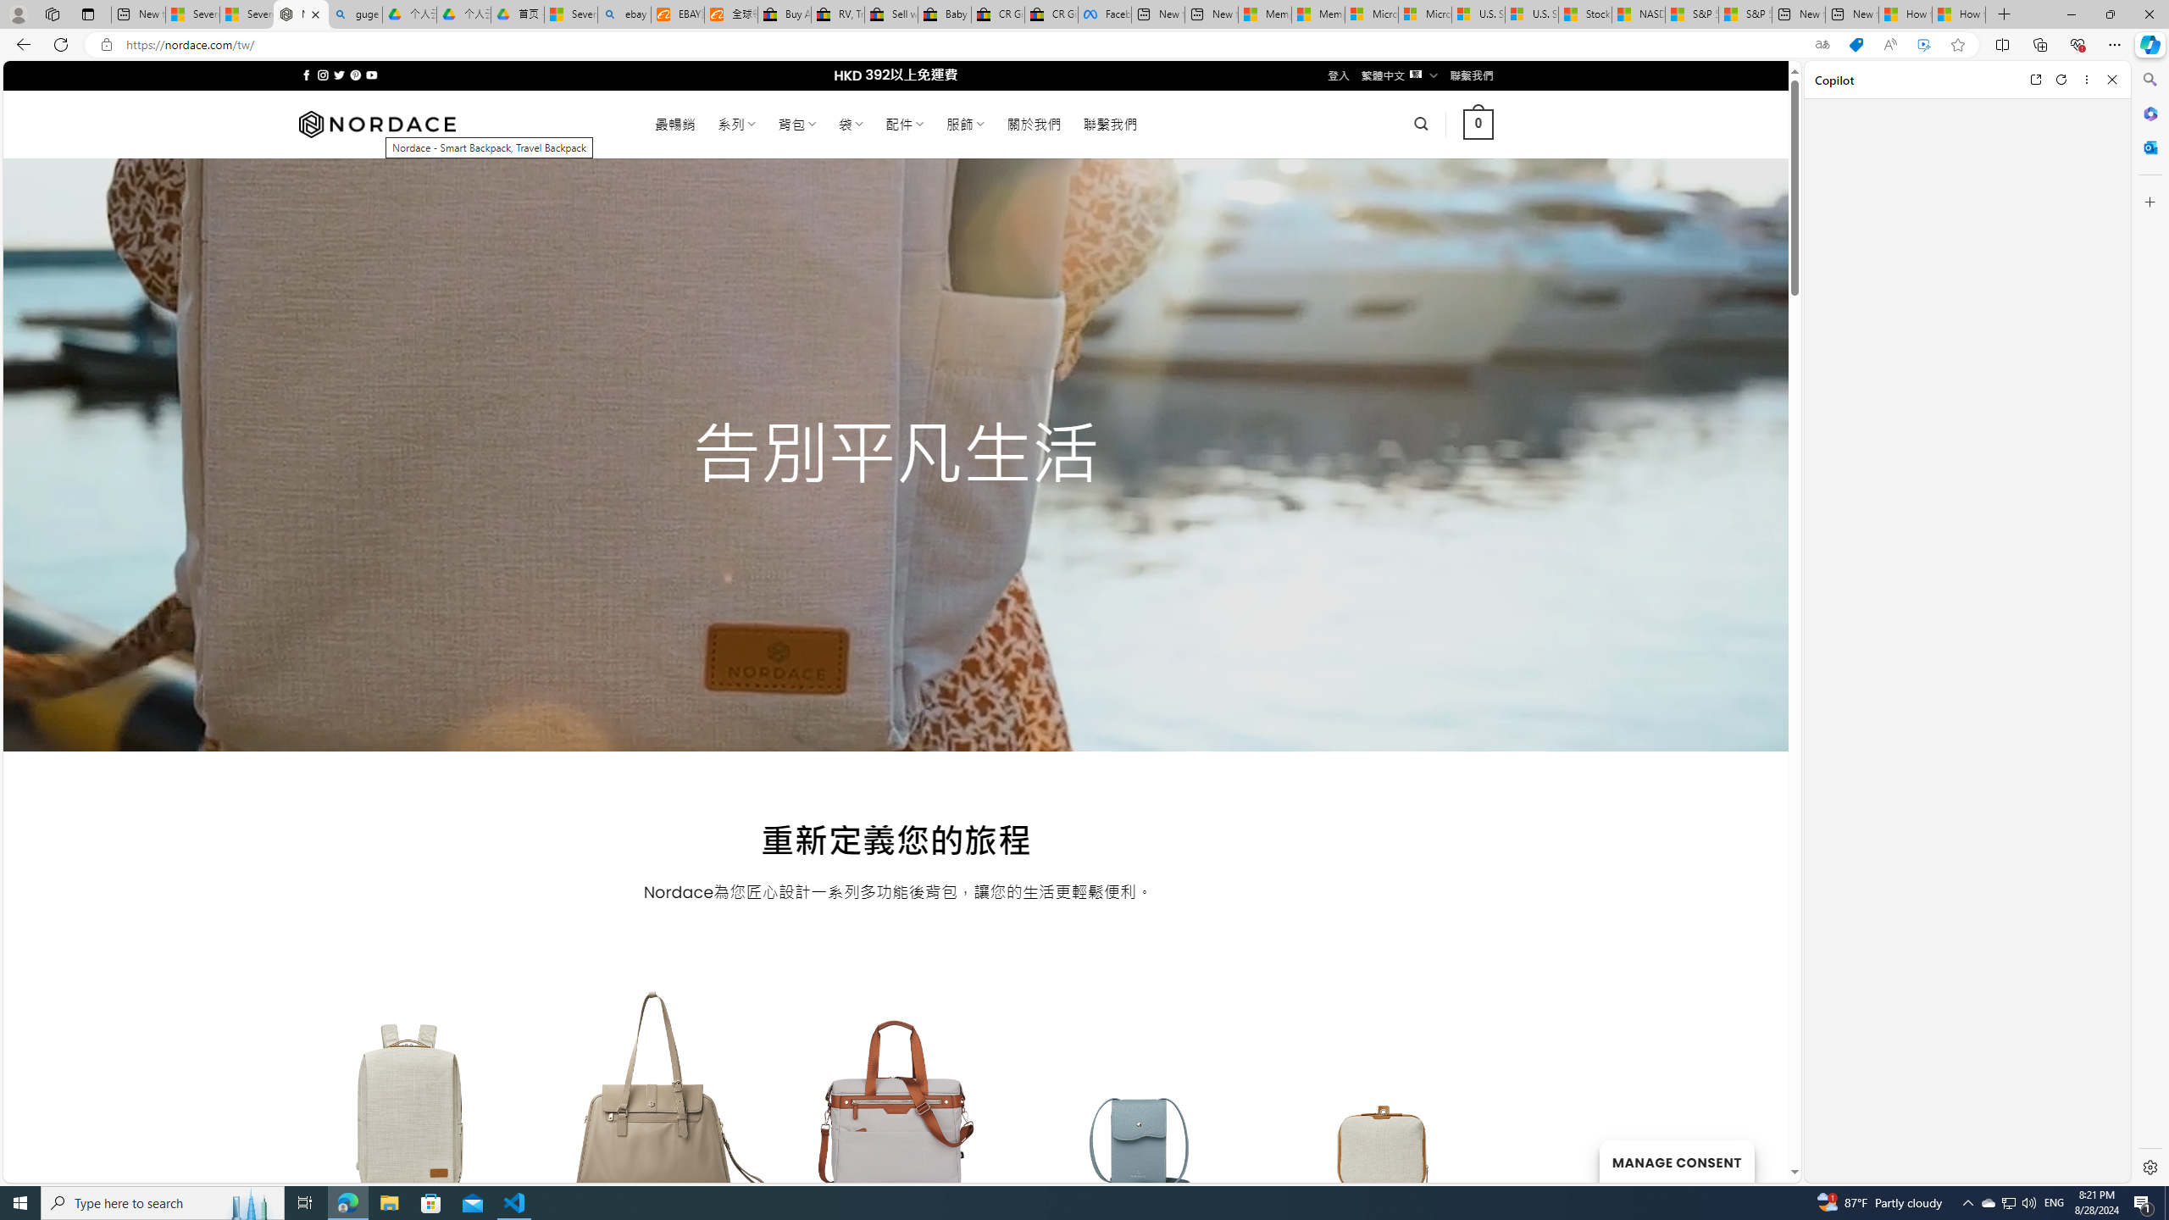 This screenshot has width=2169, height=1220. I want to click on 'Side bar', so click(2150, 623).